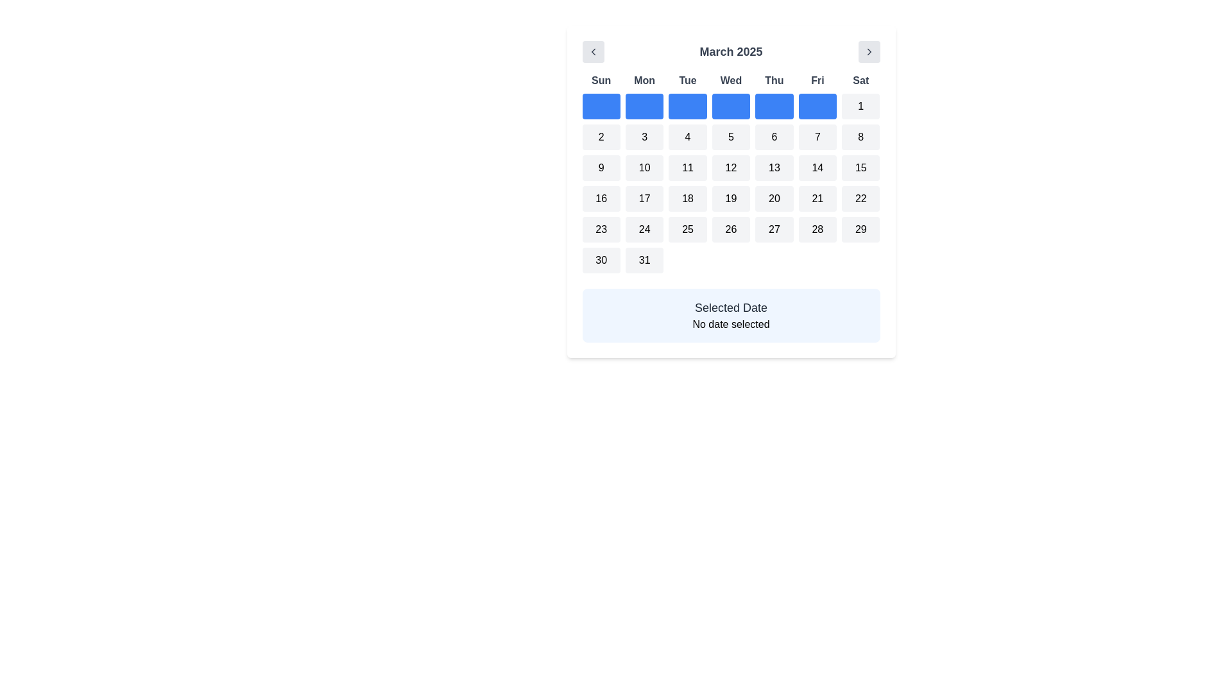  I want to click on the calendar day element representing the 24th day of the month, so click(644, 229).